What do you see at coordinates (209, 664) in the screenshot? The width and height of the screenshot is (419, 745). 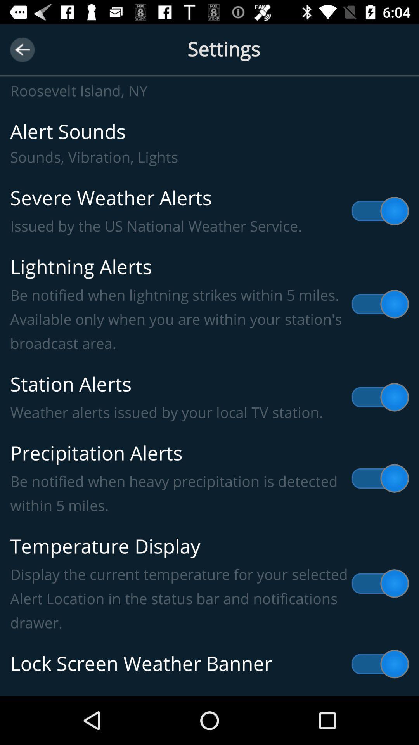 I see `lock screen weather item` at bounding box center [209, 664].